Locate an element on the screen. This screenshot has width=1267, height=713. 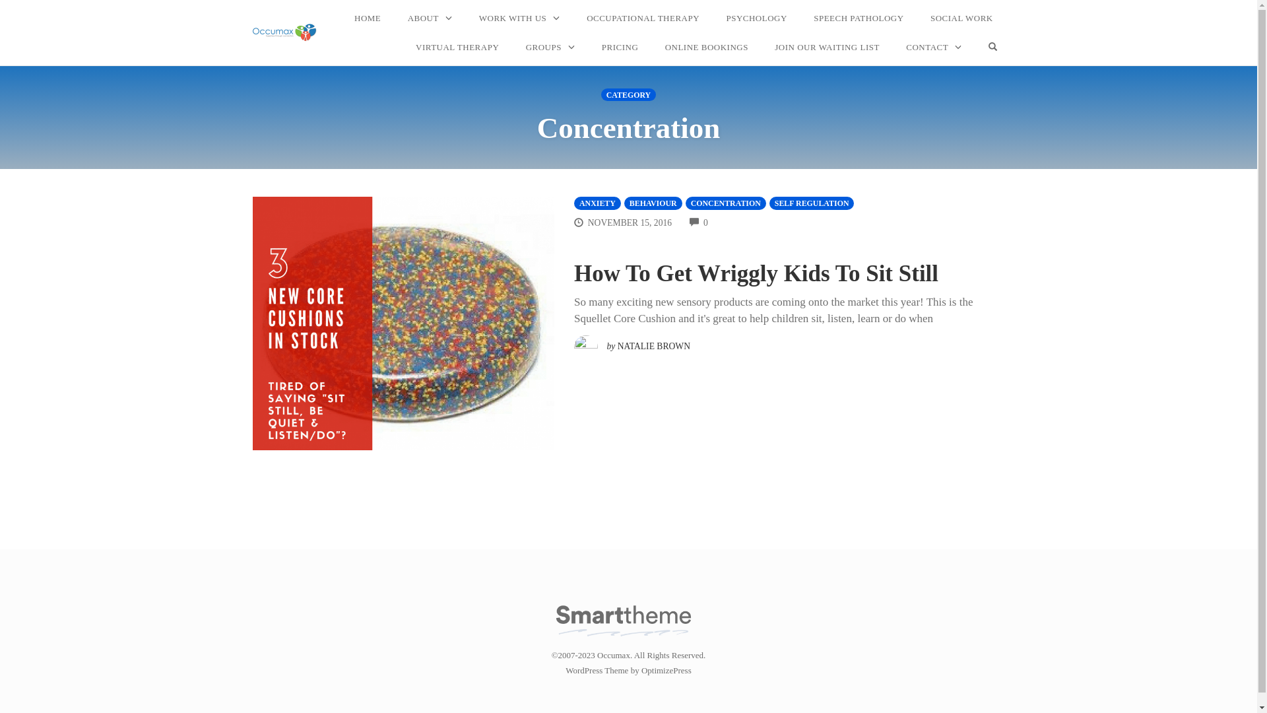
'SPEECH PATHOLOGY' is located at coordinates (858, 18).